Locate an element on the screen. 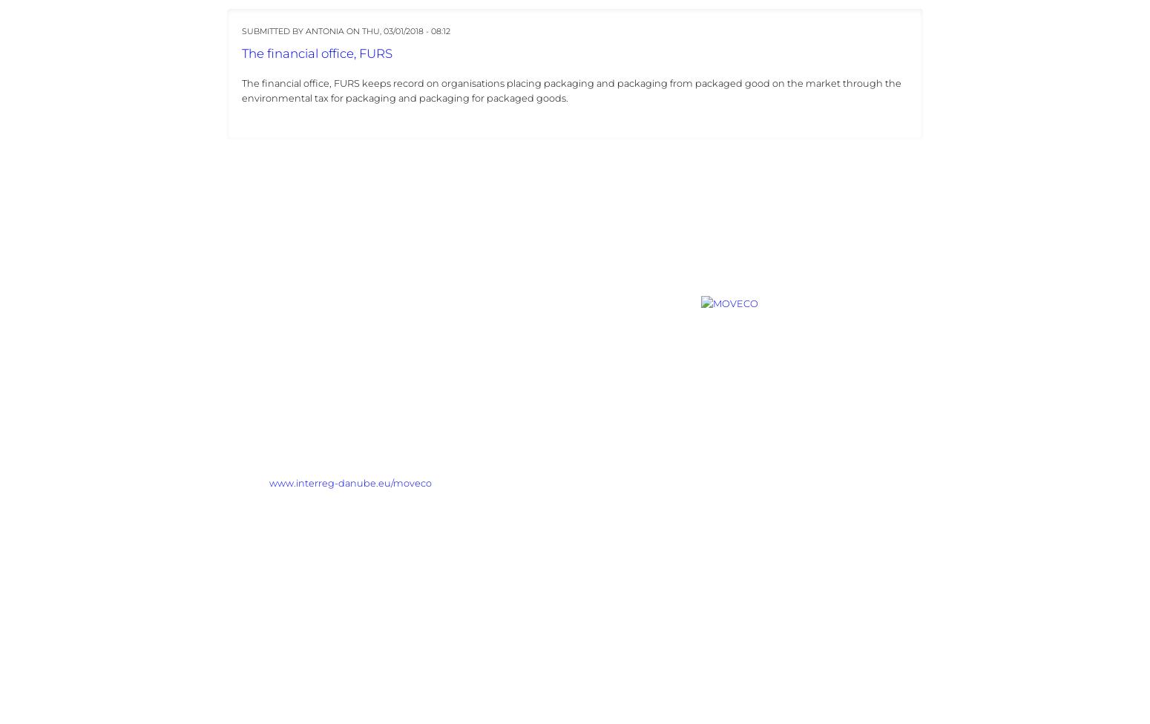 This screenshot has width=1150, height=724. 'on Thu, 03/01/2018 - 08:12' is located at coordinates (344, 30).